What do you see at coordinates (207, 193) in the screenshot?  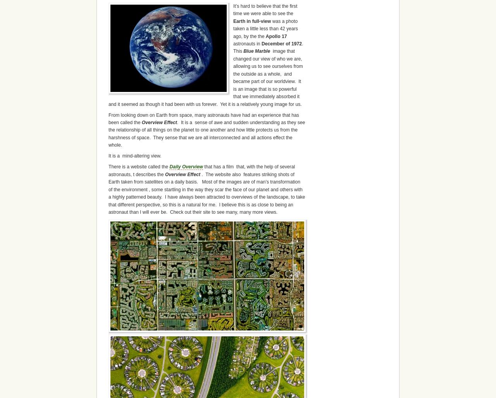 I see `'.  The website also  features striking shots of Earth taken from satellites on a daily basis.   Most of the images are of man’s transformation of the environment , some startling in the way they scar the face of our planet and others with a highly patterned beauty.  I have always been attracted to overviews of the landscape, to take that different perspective, so this is a natural for me.  I believe this is as close to being an astronaut than I will ever be.  Check out their site to see many, many more views.'` at bounding box center [207, 193].